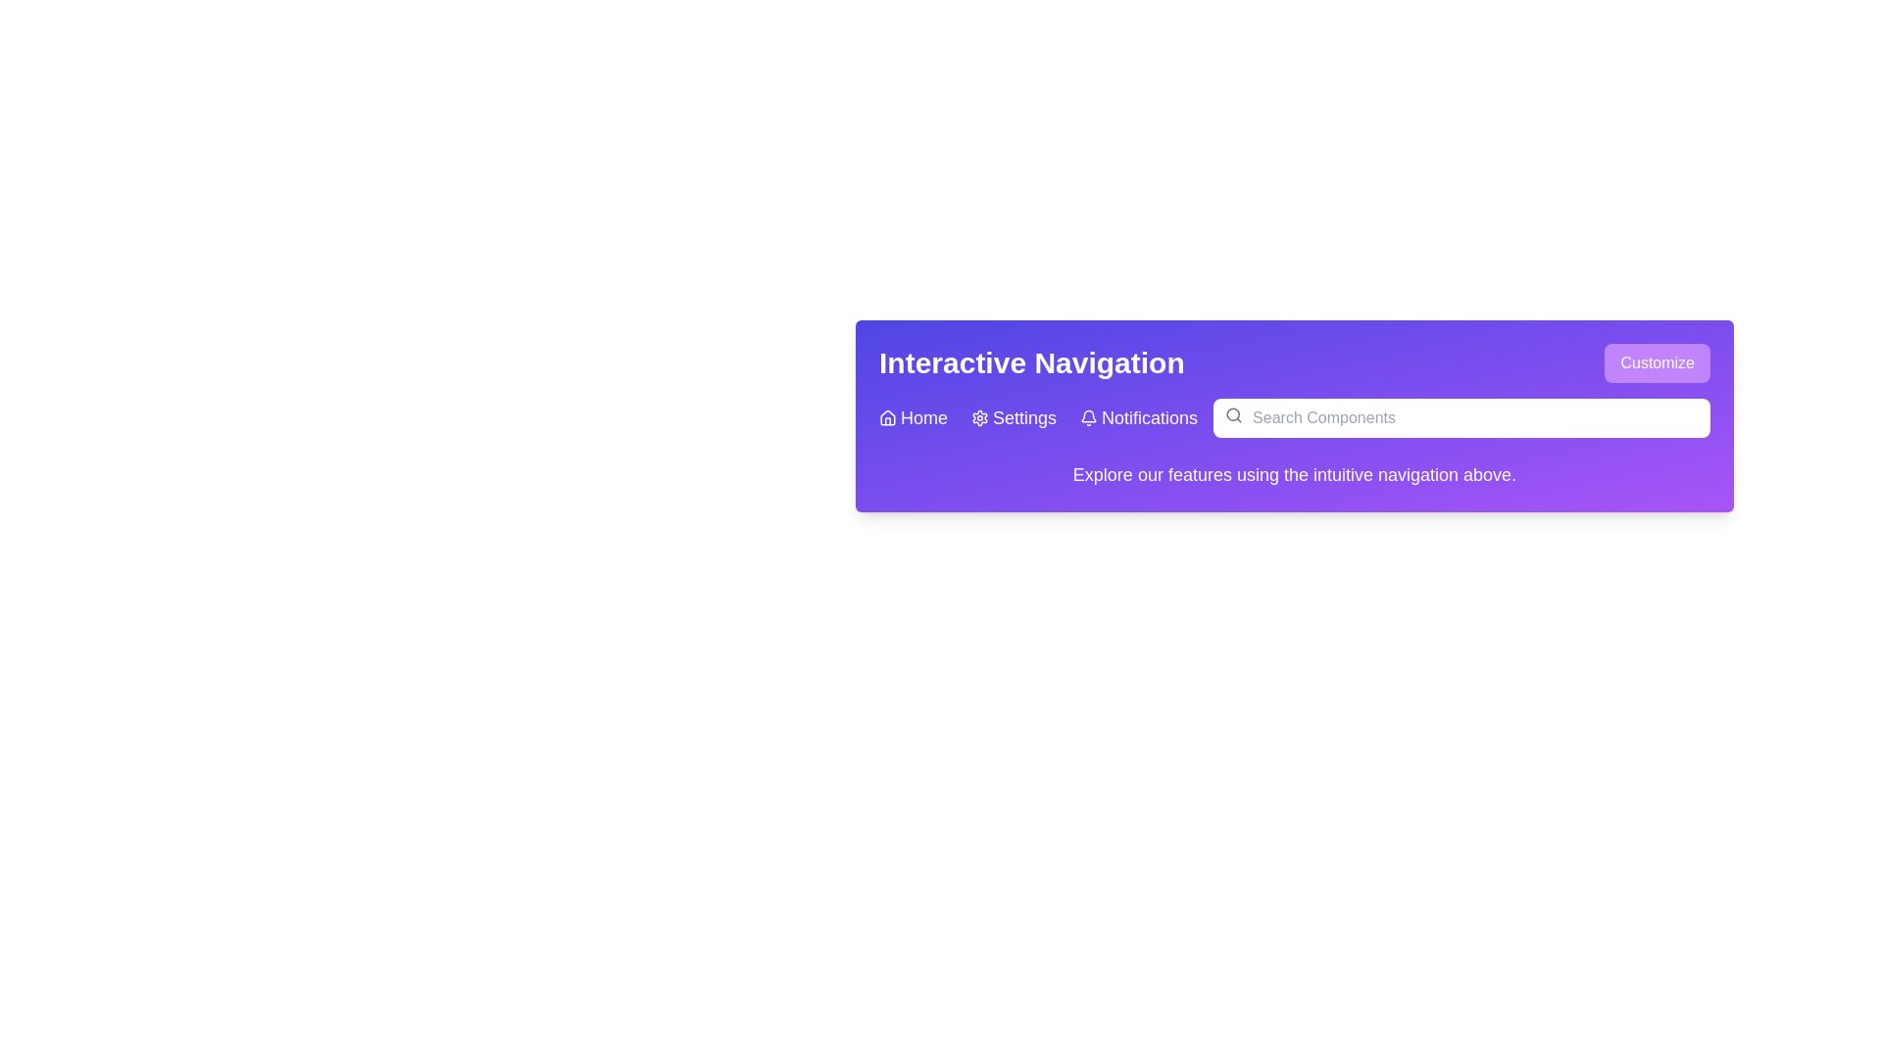  Describe the element at coordinates (1088, 417) in the screenshot. I see `the bell-shaped notification icon located in the Notifications section of the navigation bar` at that location.